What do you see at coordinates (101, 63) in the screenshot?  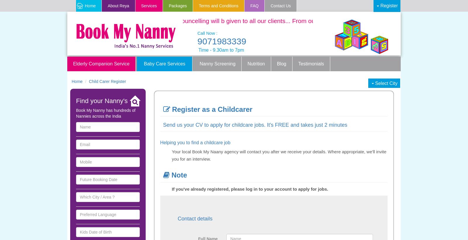 I see `'Elderly Companion Service'` at bounding box center [101, 63].